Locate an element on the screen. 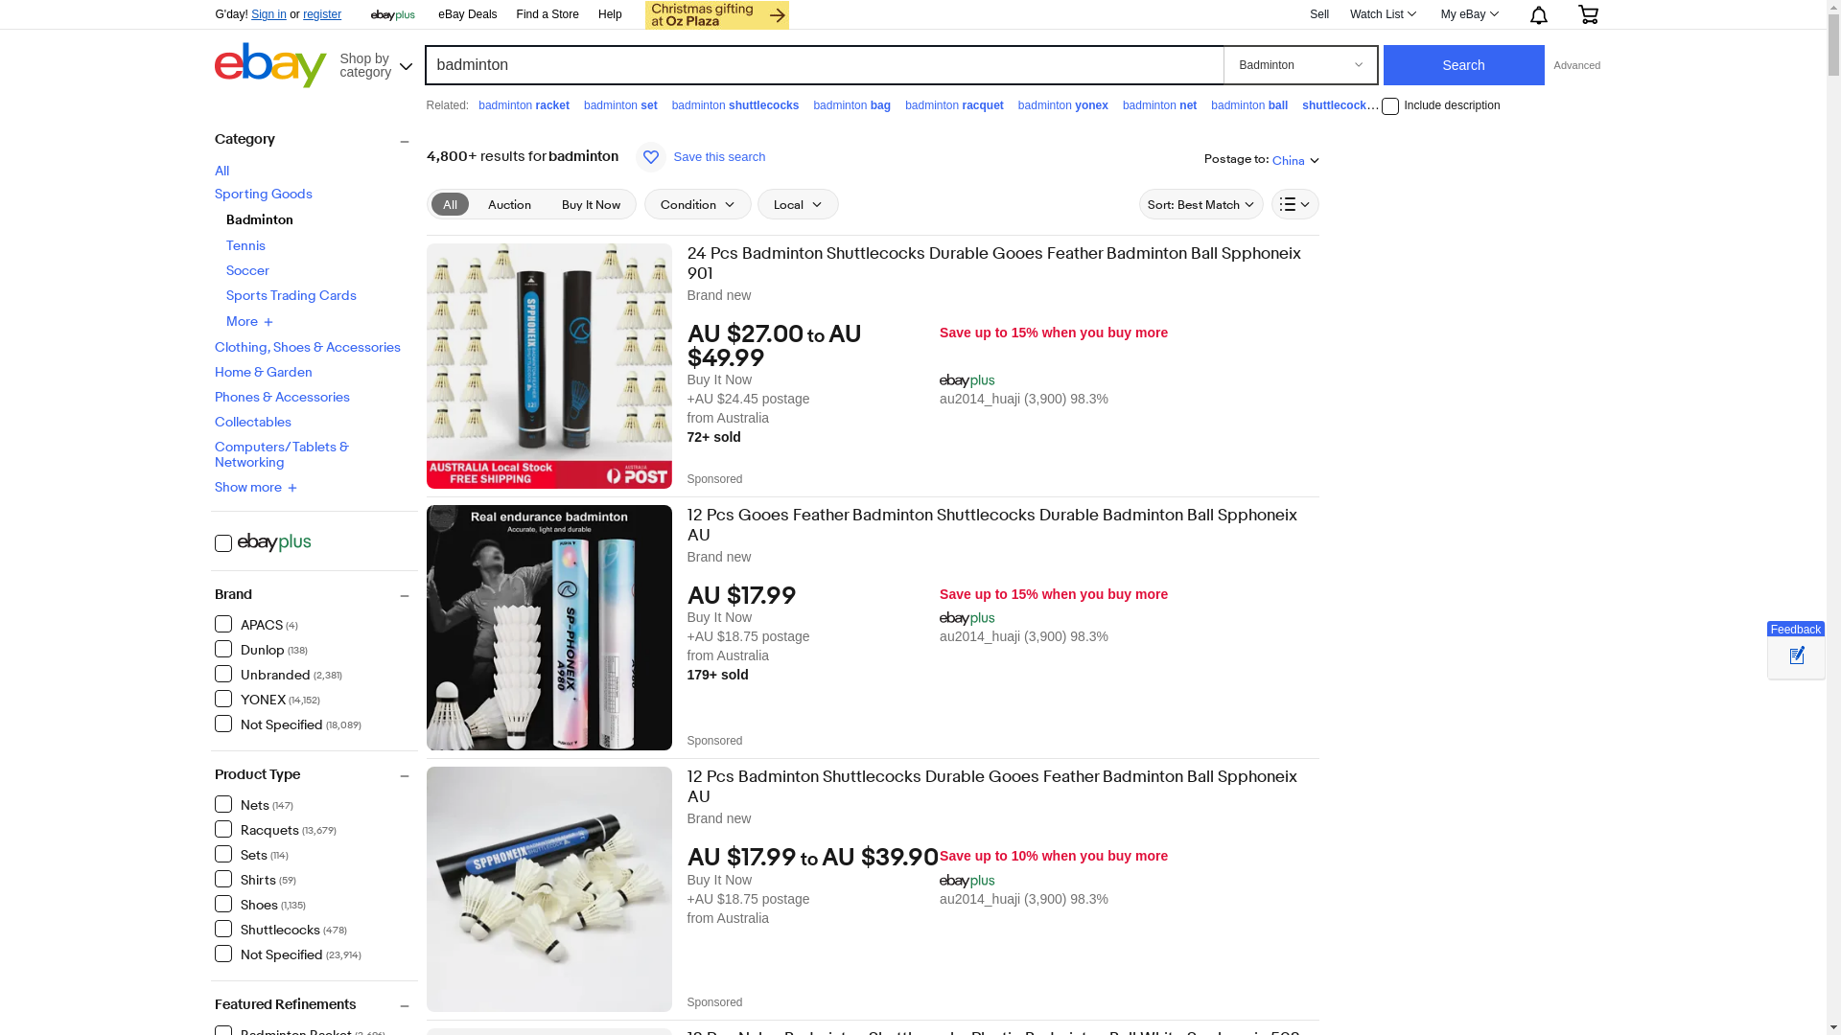  'Save this search' is located at coordinates (629, 156).